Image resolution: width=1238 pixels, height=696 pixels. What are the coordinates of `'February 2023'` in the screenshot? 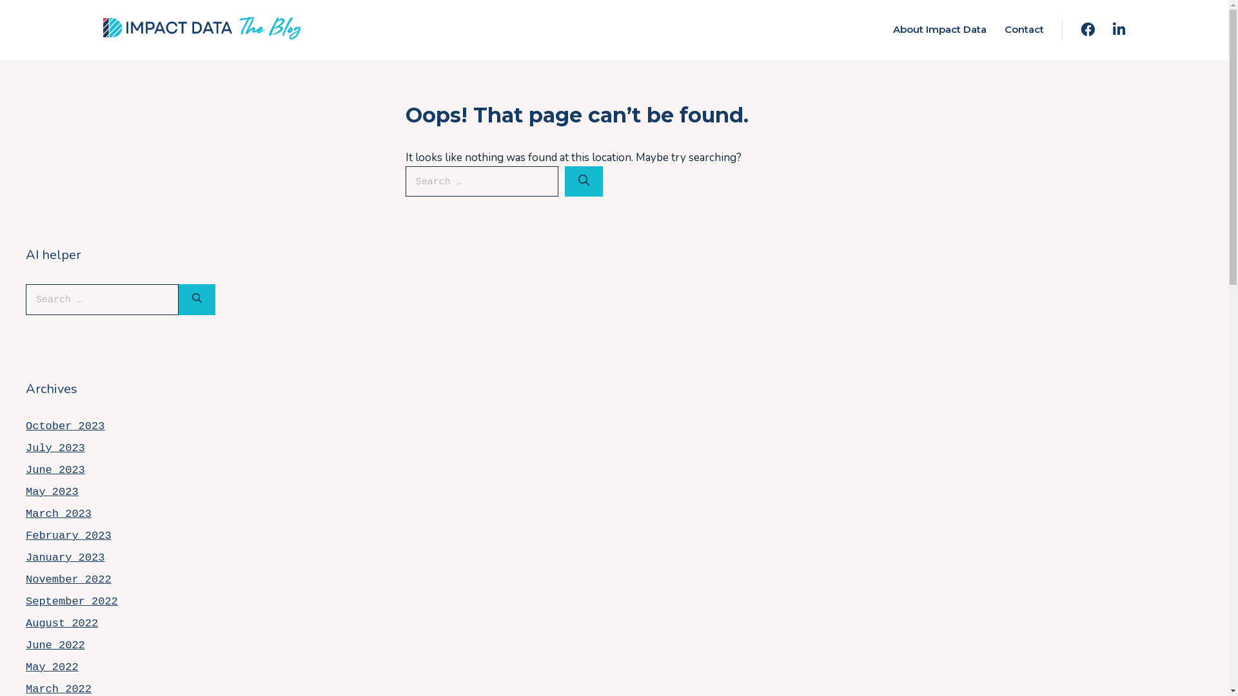 It's located at (68, 536).